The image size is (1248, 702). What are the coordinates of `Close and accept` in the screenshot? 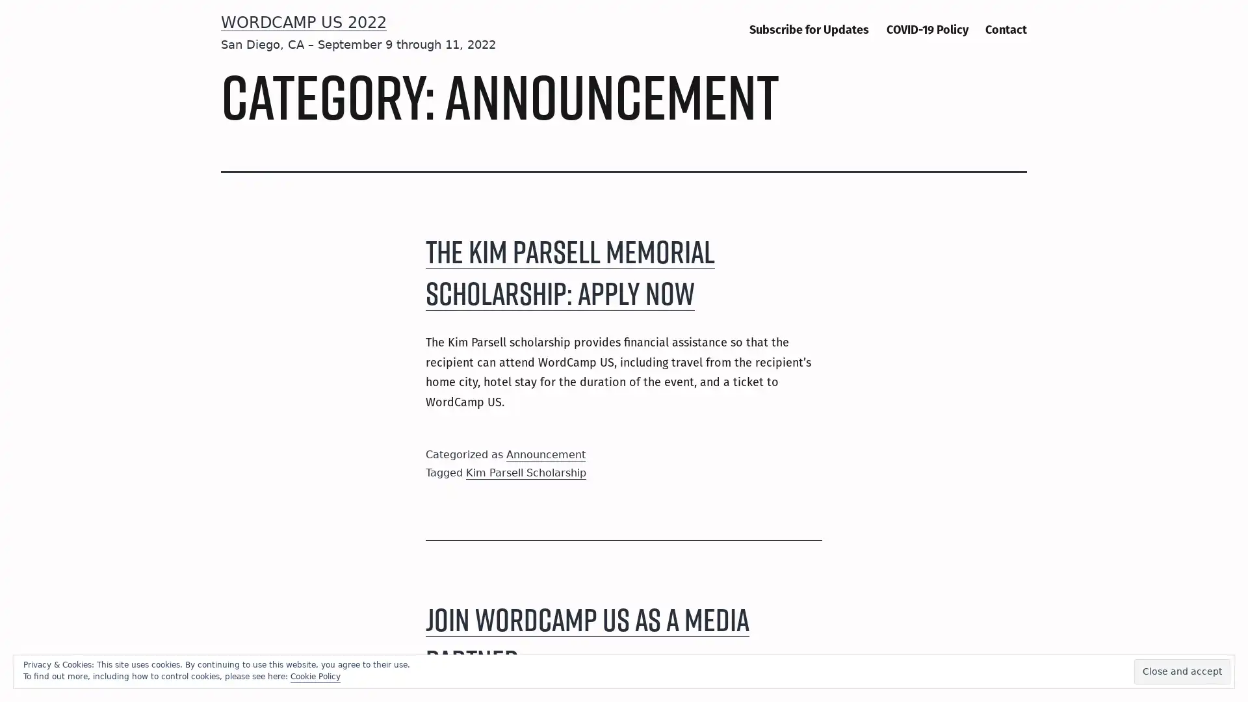 It's located at (1182, 671).